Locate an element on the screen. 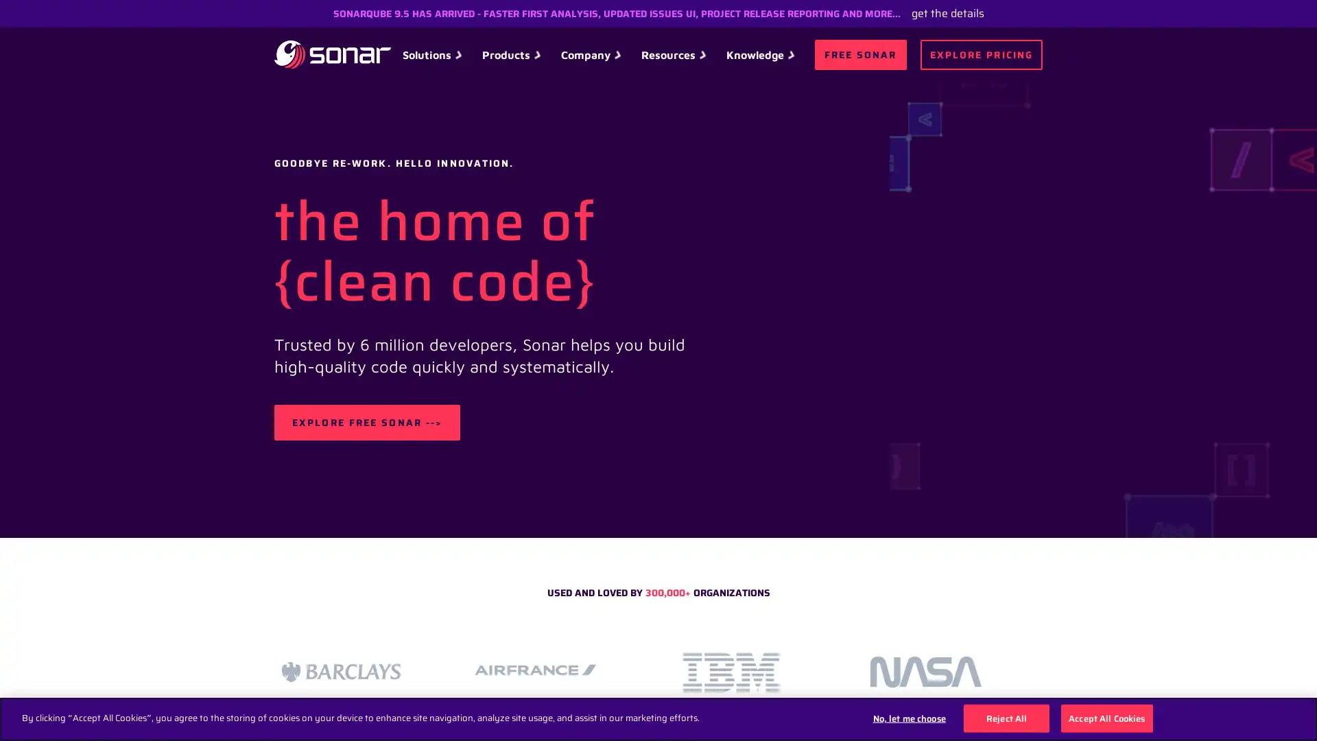 The height and width of the screenshot is (741, 1317). Knowledge is located at coordinates (770, 54).